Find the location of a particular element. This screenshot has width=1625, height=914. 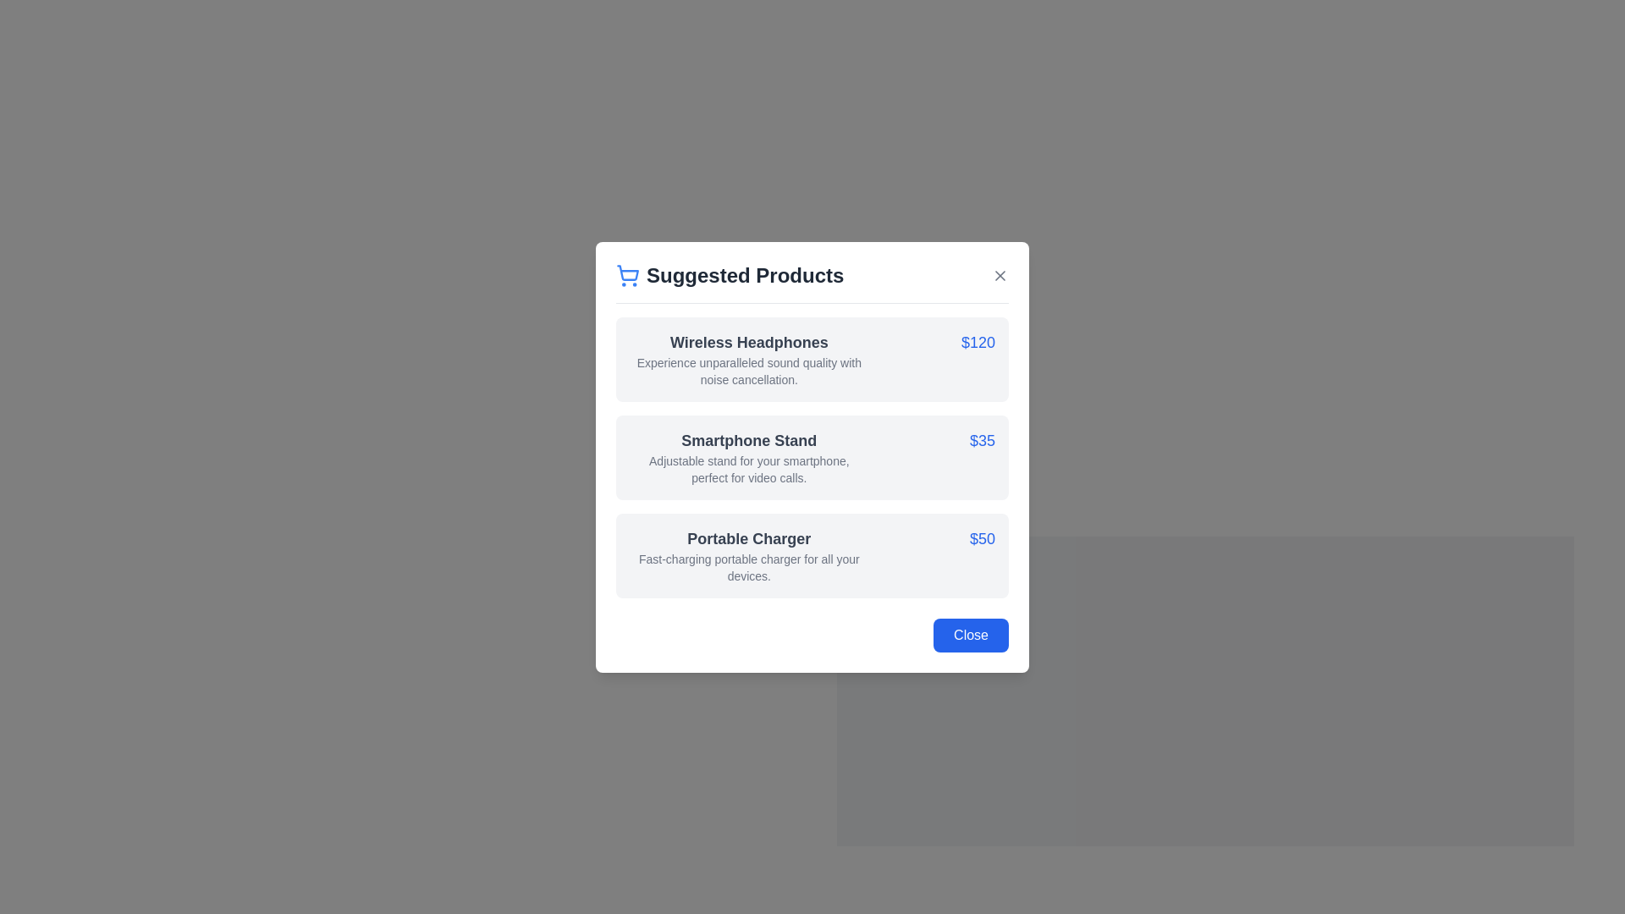

the text label element that describes the product as 'Adjustable stand for your smartphone, perfect for video calls.' located directly underneath the title 'Smartphone Stand' in the 'Suggested Products' dialog is located at coordinates (748, 469).